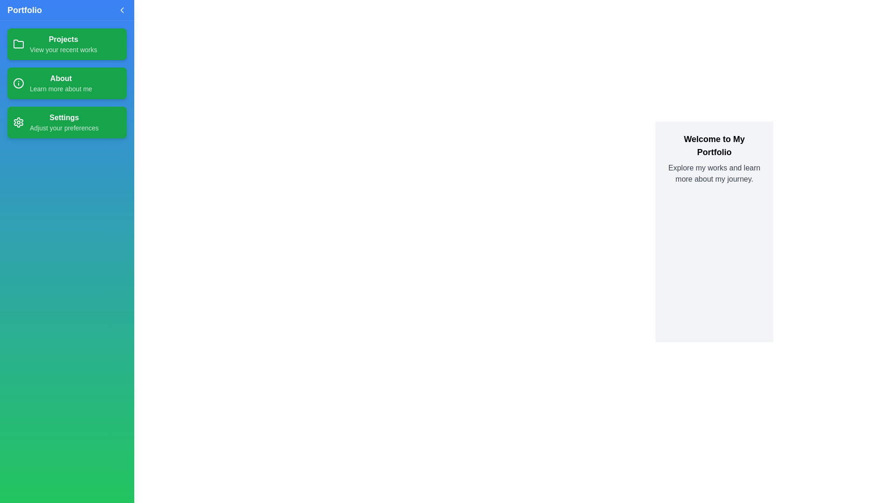 Image resolution: width=895 pixels, height=503 pixels. What do you see at coordinates (67, 44) in the screenshot?
I see `the section Projects in the drawer` at bounding box center [67, 44].